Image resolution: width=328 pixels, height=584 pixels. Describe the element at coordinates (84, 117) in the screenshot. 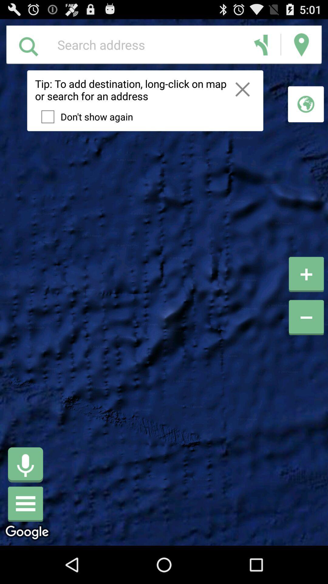

I see `the don t show` at that location.